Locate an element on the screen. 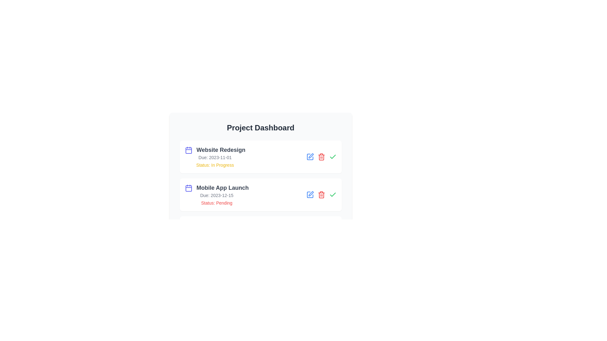  the checkmark button for the project titled Website Redesign is located at coordinates (332, 157).